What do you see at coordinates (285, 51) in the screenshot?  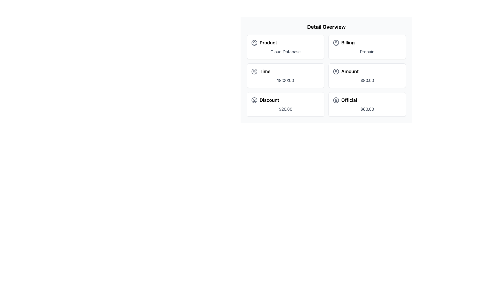 I see `the second text label in the 'Product' section that displays the product type or name` at bounding box center [285, 51].